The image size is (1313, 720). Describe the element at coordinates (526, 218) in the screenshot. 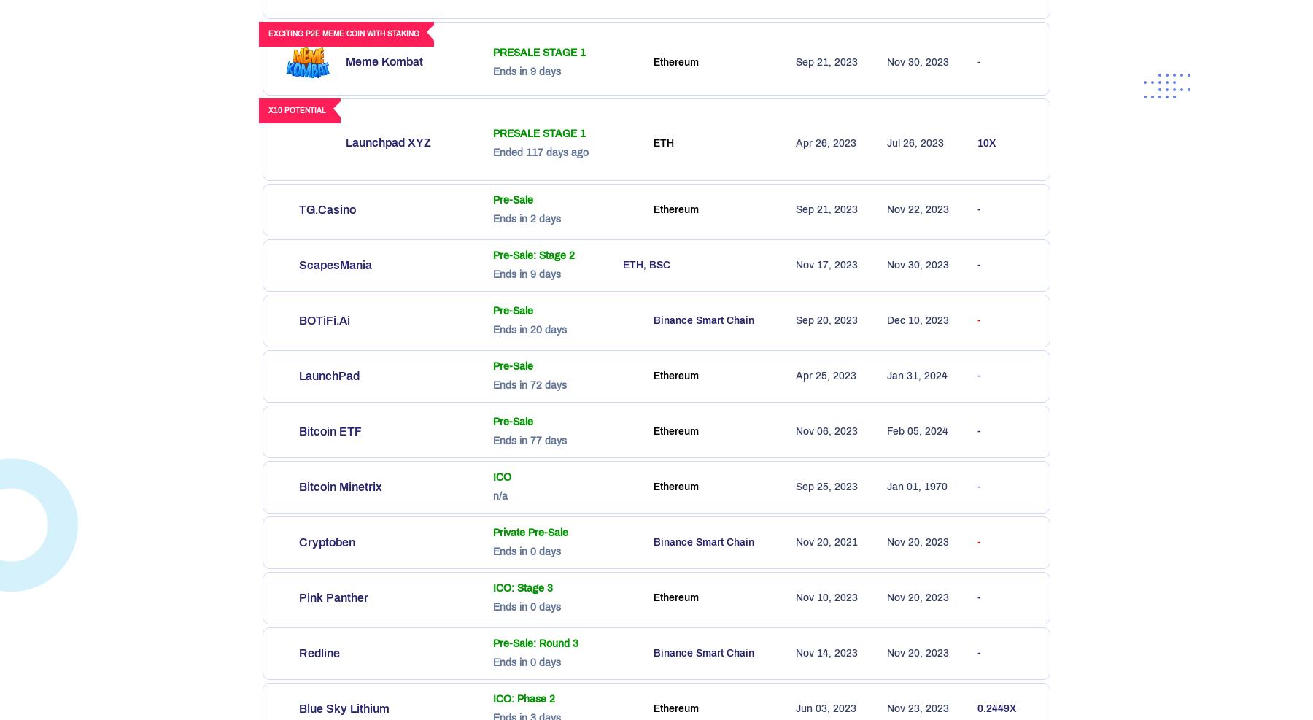

I see `'Ends in 2 days'` at that location.